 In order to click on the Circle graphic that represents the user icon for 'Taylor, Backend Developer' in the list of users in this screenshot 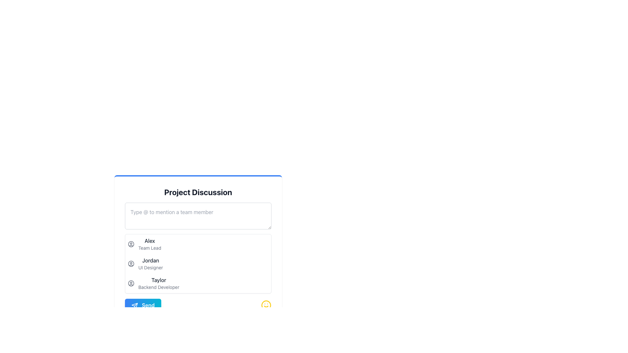, I will do `click(131, 283)`.